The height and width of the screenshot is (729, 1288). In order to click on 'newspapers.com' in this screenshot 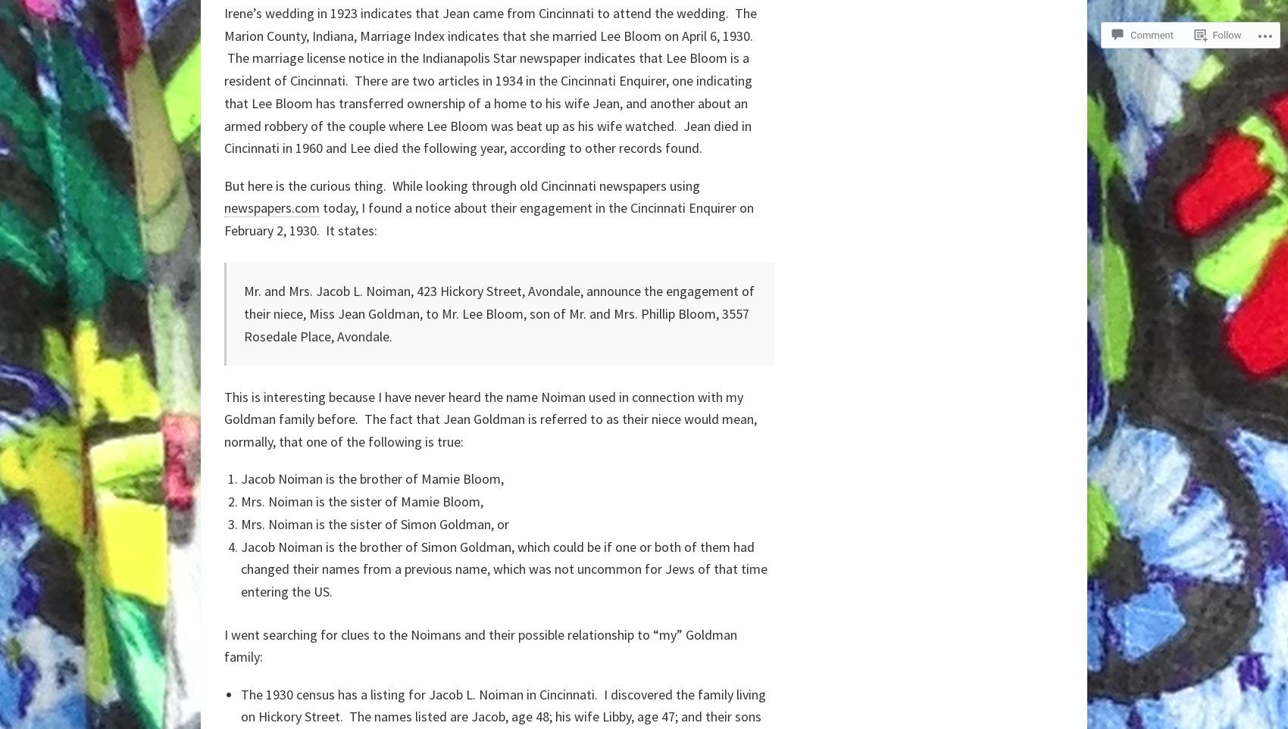, I will do `click(271, 207)`.